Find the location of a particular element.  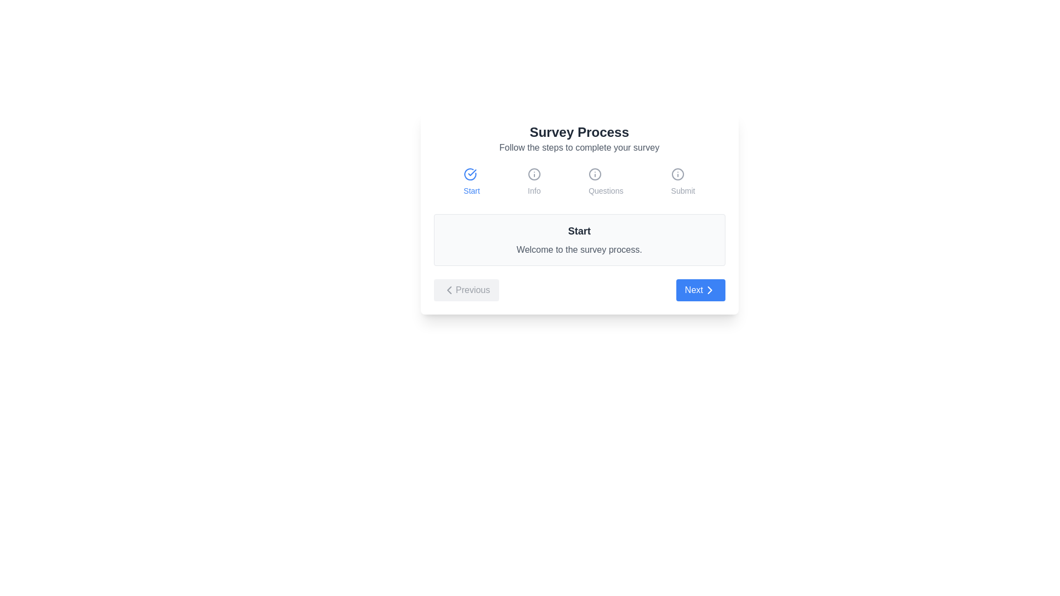

the leftward-pointing chevron icon within the 'Previous' button located in the bottom left corner of the central panel is located at coordinates (449, 289).